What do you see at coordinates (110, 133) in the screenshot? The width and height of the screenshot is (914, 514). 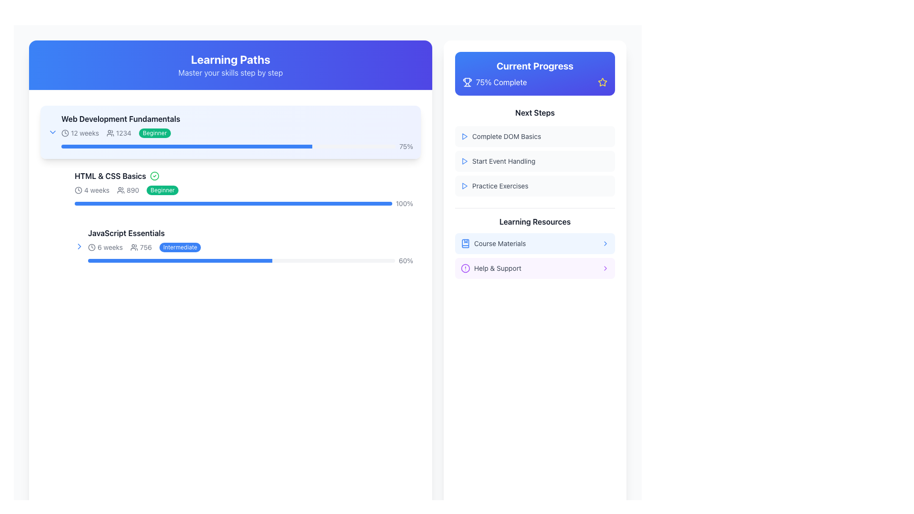 I see `the SVG-based icon component representing people or a group, located immediately to the left of the number '1234' in the 'Web Development Fundamentals' section` at bounding box center [110, 133].